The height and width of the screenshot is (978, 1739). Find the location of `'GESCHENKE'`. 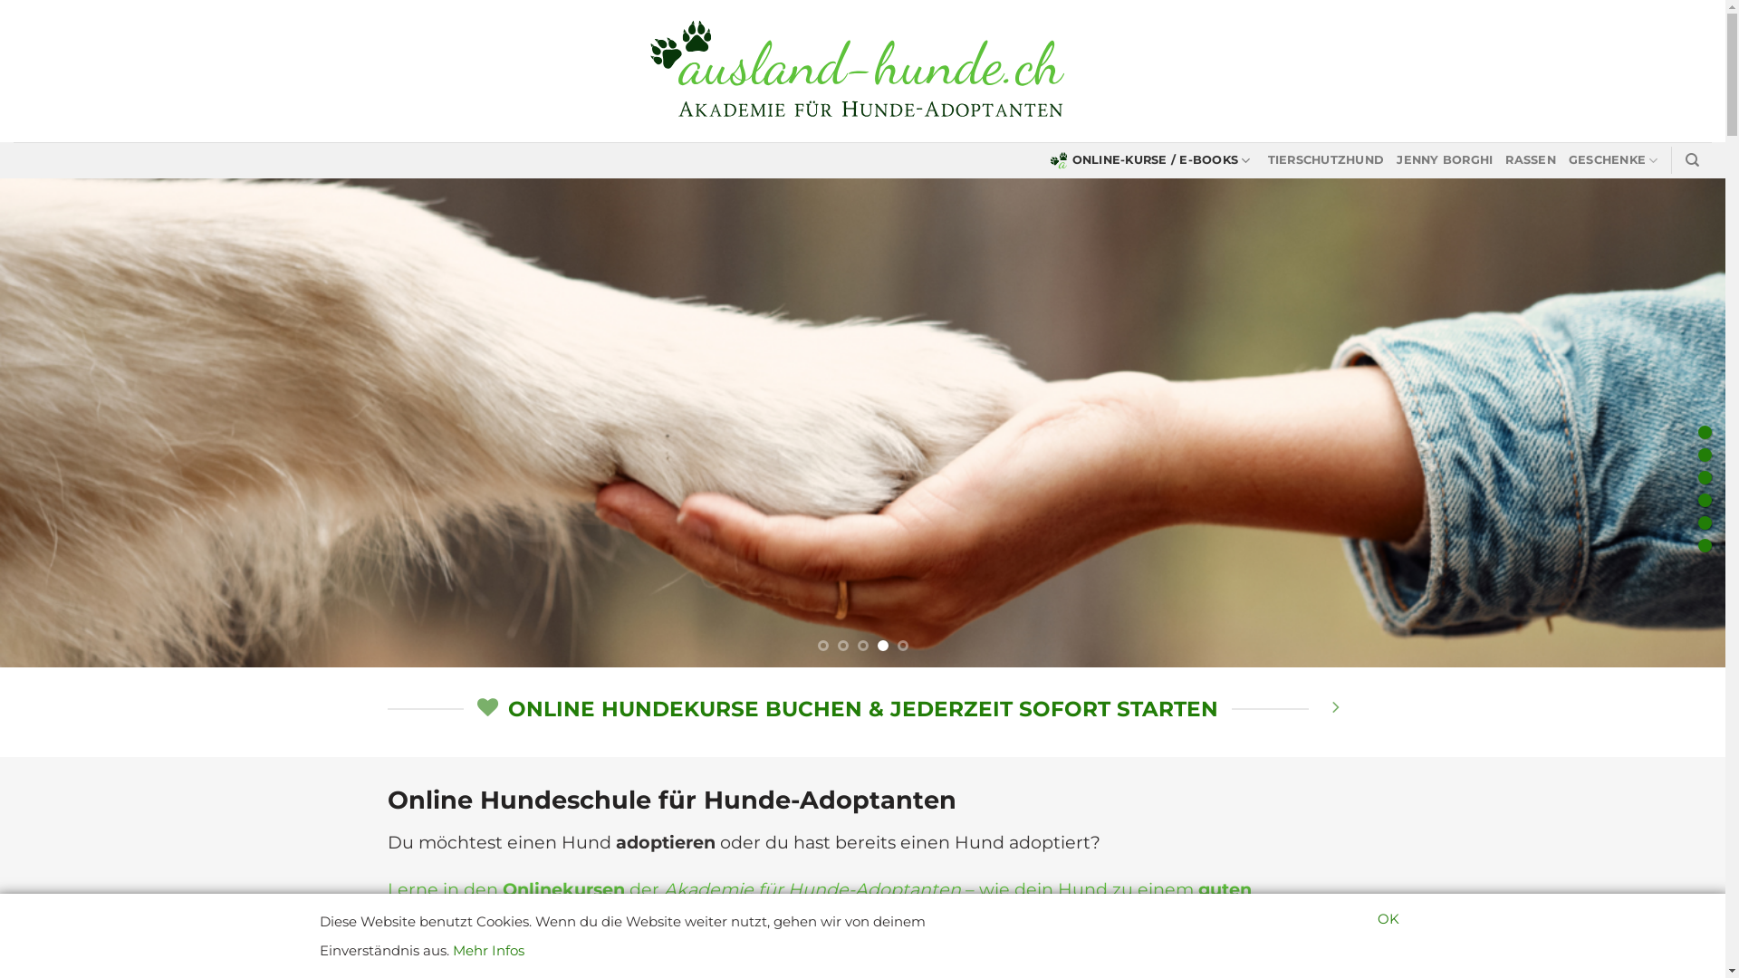

'GESCHENKE' is located at coordinates (1568, 159).